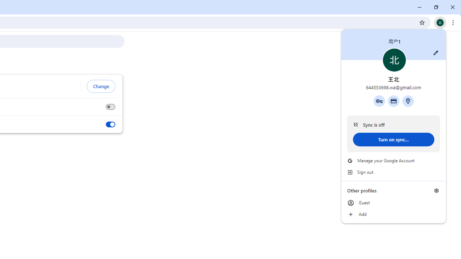 The image size is (461, 259). I want to click on 'Guest', so click(393, 203).